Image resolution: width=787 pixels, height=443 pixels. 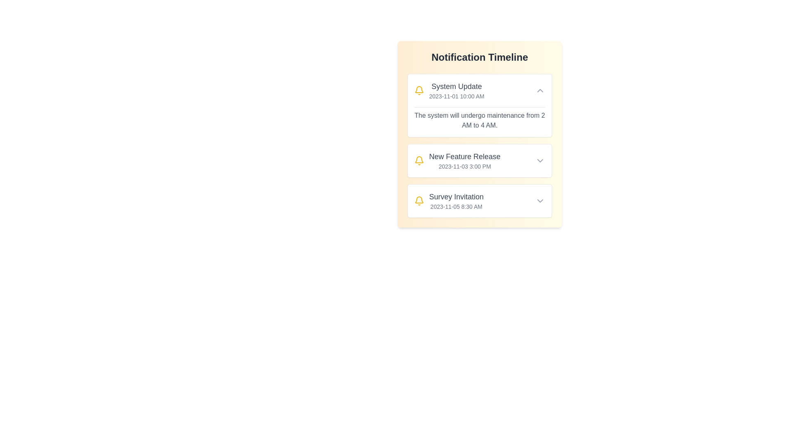 I want to click on the timestamp text label of the 'Survey Invitation' notification, which is located in the right bottom segment of the card, directly below the 'Survey Invitation' title text, so click(x=456, y=206).